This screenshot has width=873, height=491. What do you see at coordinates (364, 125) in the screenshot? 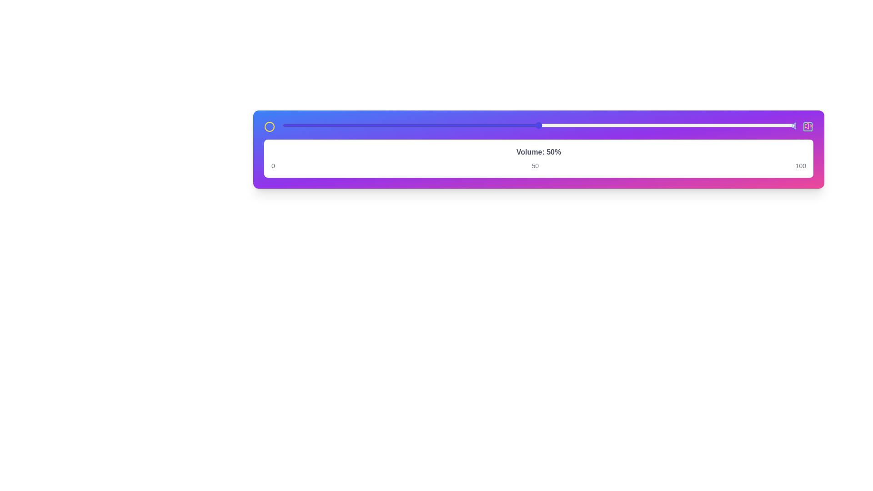
I see `the slider to 16%` at bounding box center [364, 125].